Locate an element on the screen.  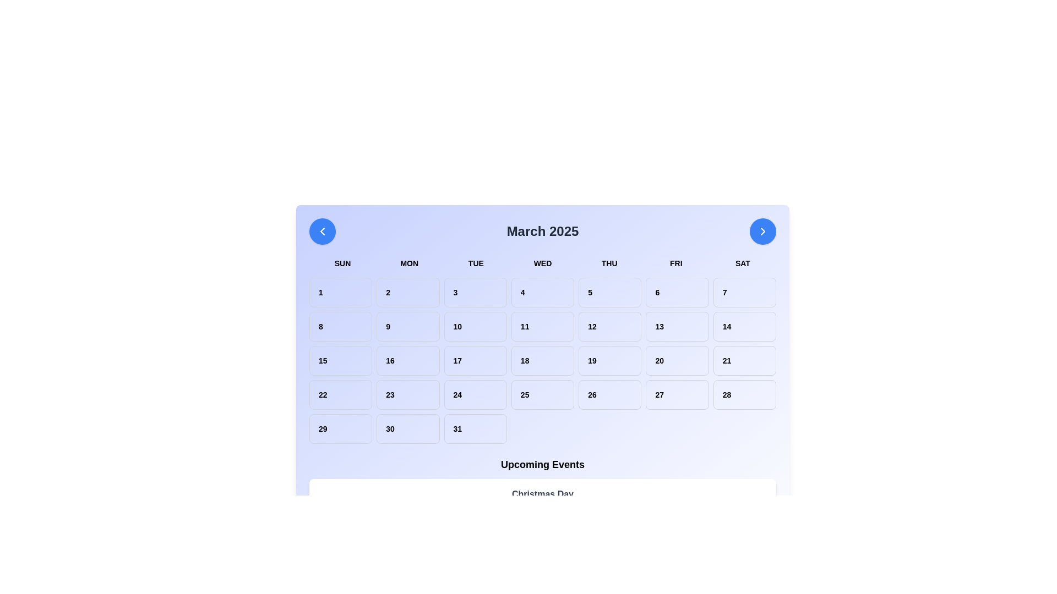
the button displaying the number '28' in the Saturday column of the March 2025 calendar is located at coordinates (744, 394).